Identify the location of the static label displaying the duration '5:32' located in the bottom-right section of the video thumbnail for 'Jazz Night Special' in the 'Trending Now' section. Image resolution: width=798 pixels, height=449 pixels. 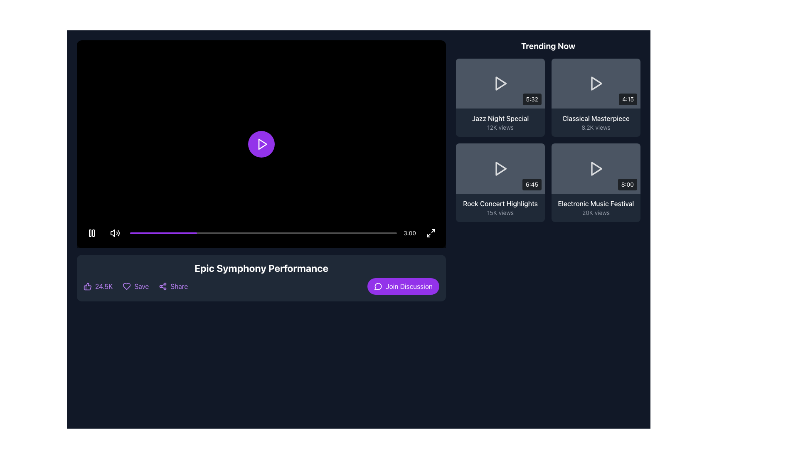
(532, 99).